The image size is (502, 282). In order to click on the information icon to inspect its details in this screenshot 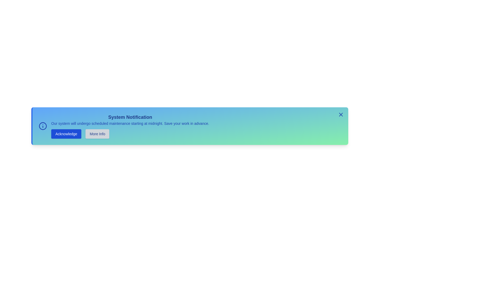, I will do `click(43, 126)`.